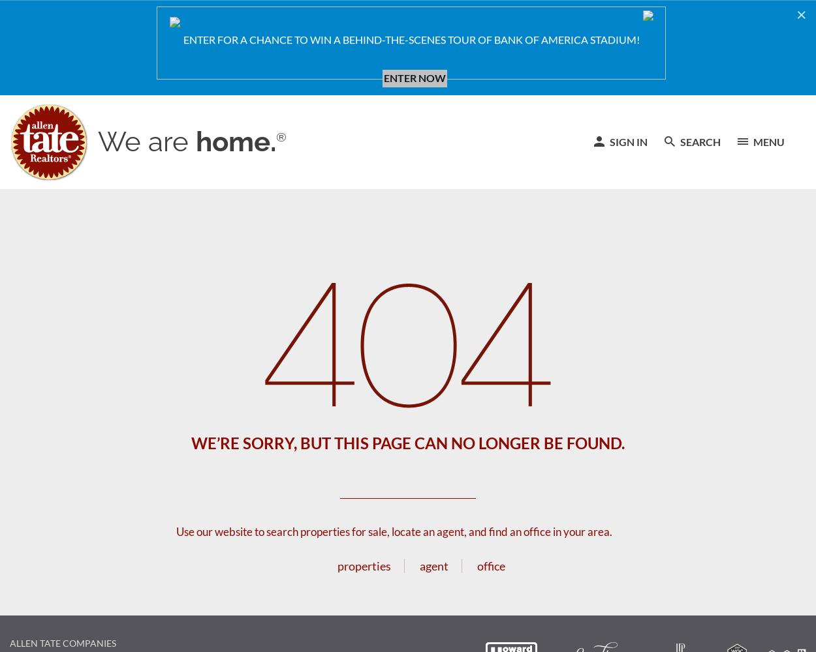  What do you see at coordinates (183, 38) in the screenshot?
I see `'ENTER FOR A CHANCE TO WIN A BEHIND-THE-SCENES TOUR OF BANK OF AMERICA STADIUM!'` at bounding box center [183, 38].